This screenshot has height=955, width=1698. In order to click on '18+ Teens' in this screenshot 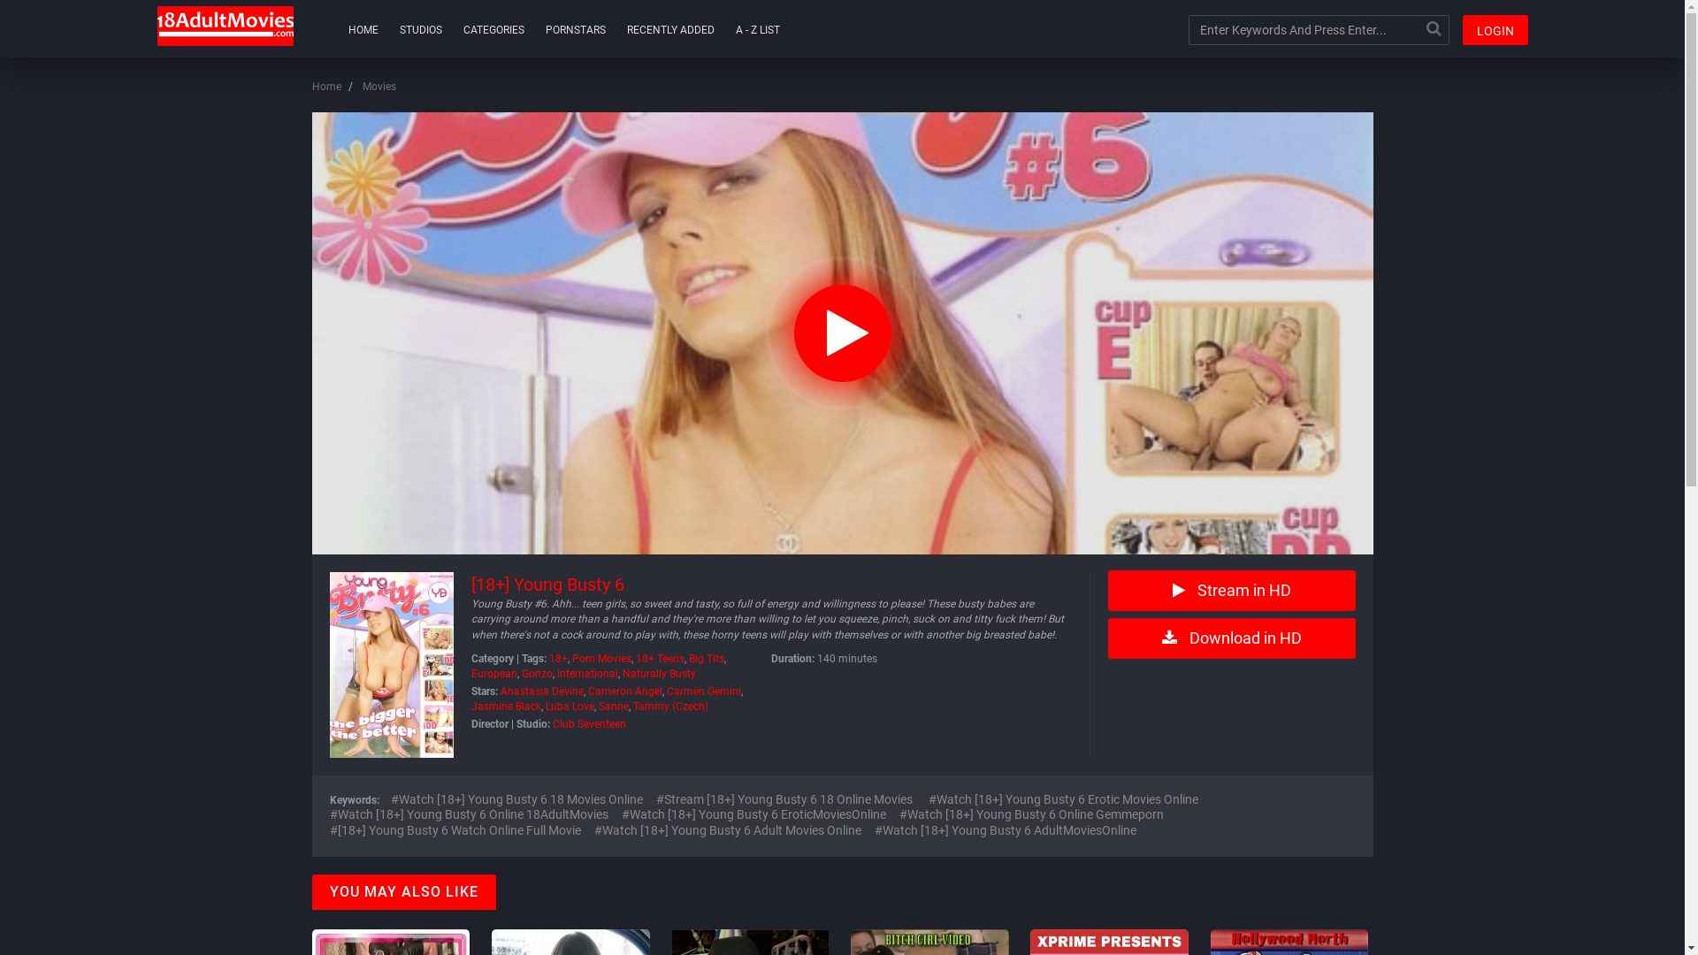, I will do `click(635, 658)`.